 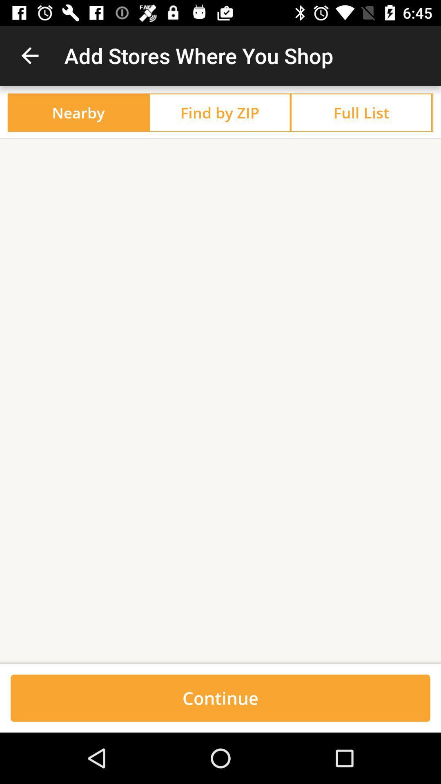 I want to click on the icon above the nearby item, so click(x=29, y=55).